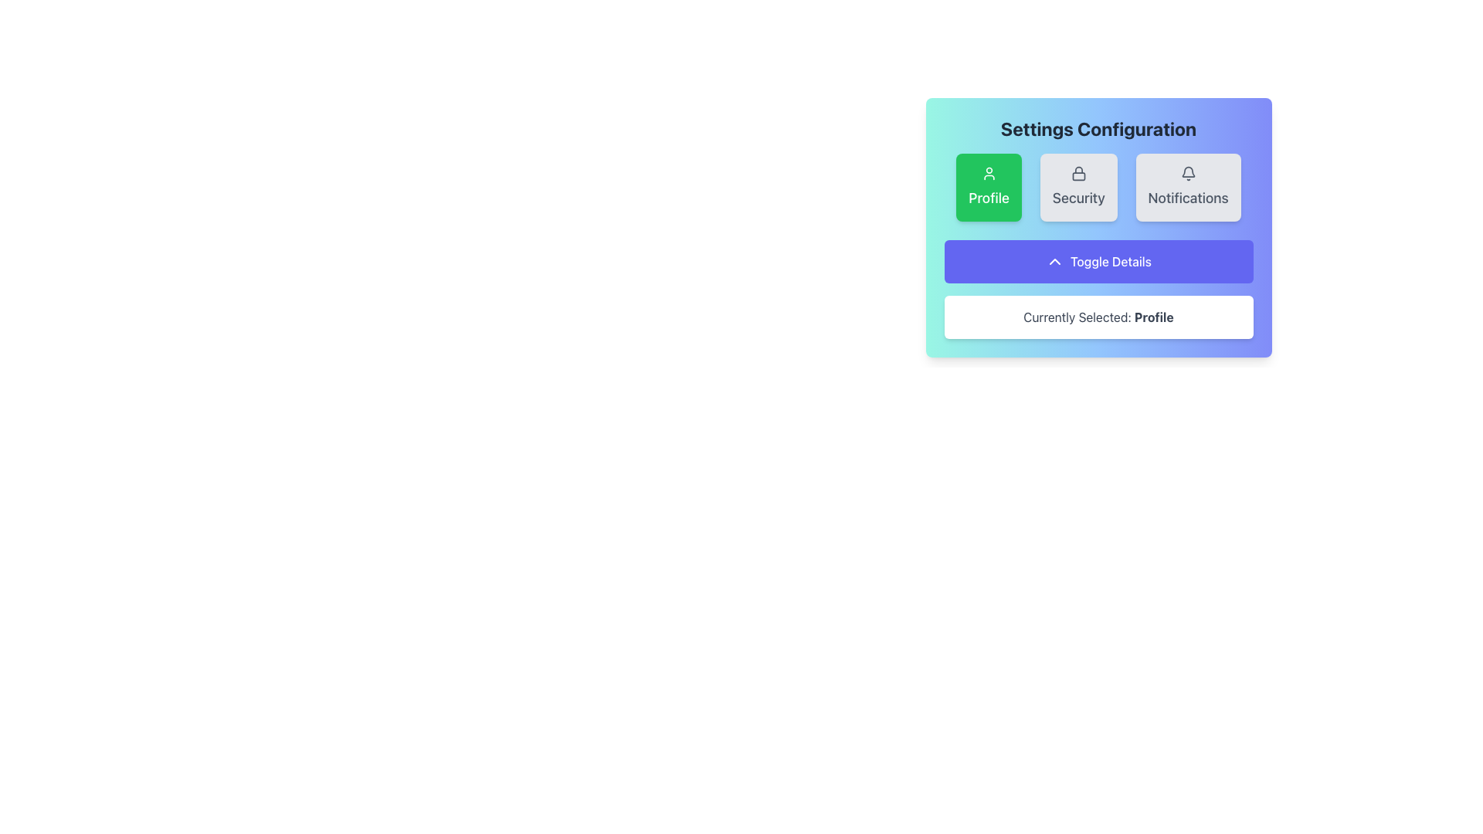 This screenshot has height=834, width=1483. Describe the element at coordinates (1154, 317) in the screenshot. I see `the static text label that indicates the current selection, which reads 'Currently Selected: Profile', located in the right-hand portion of the interface below the blue button labeled 'Toggle Details'` at that location.